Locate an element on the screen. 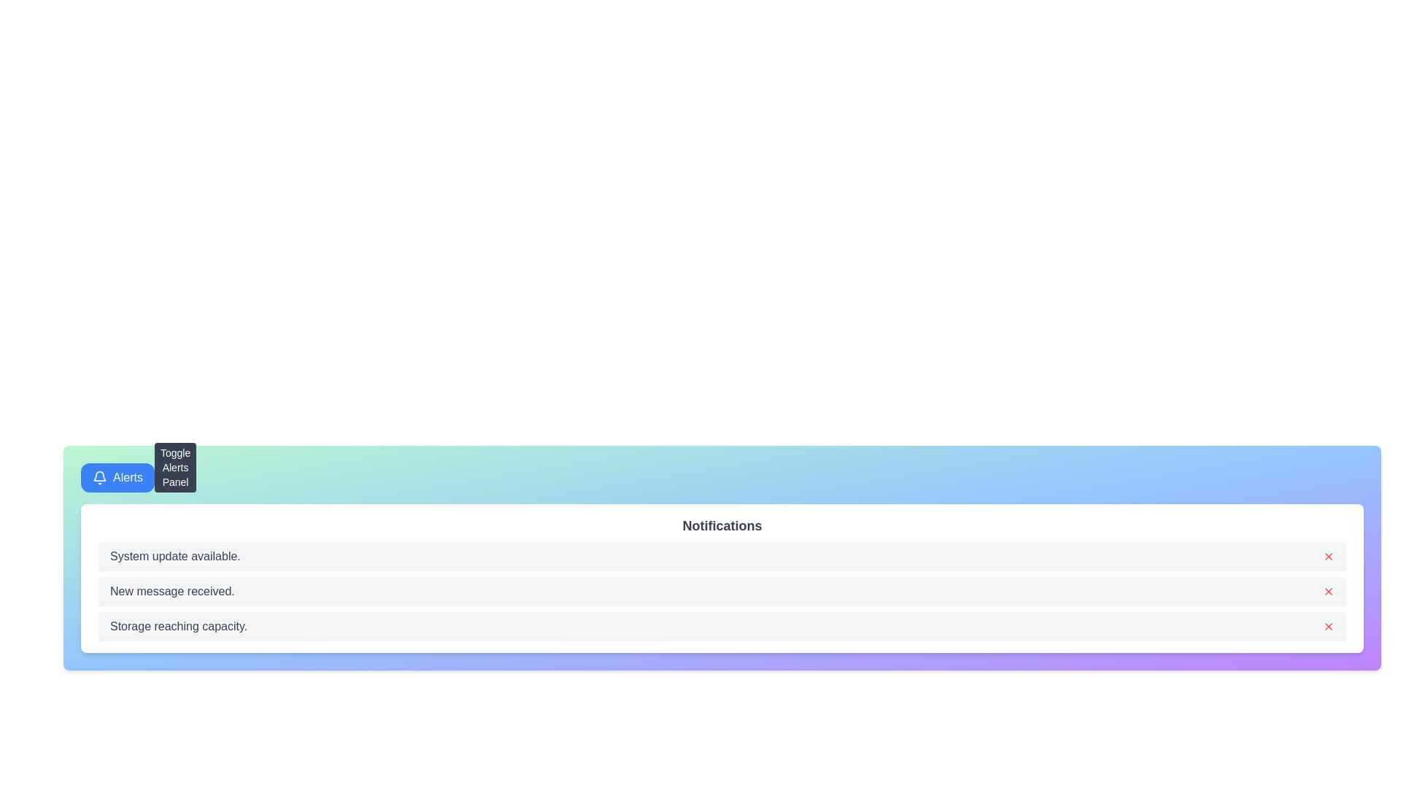 This screenshot has height=788, width=1401. the dismiss button located at the far-right position of the notification bar next to the text 'System update available.' is located at coordinates (1328, 557).